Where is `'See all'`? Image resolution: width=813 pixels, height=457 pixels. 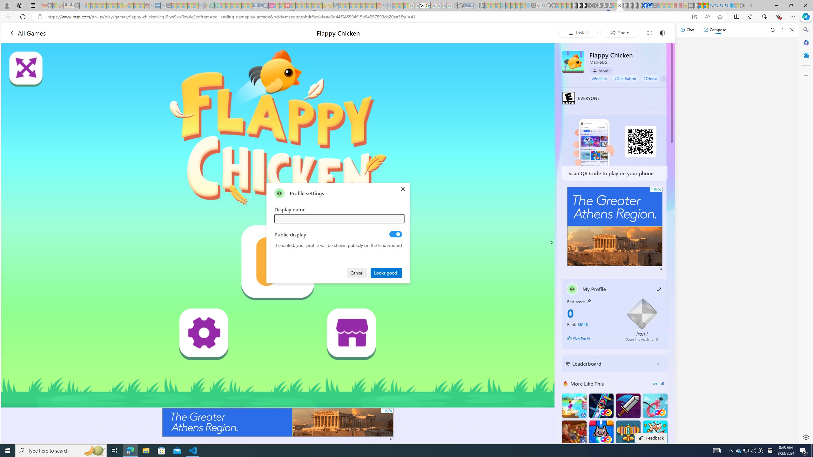 'See all' is located at coordinates (657, 383).